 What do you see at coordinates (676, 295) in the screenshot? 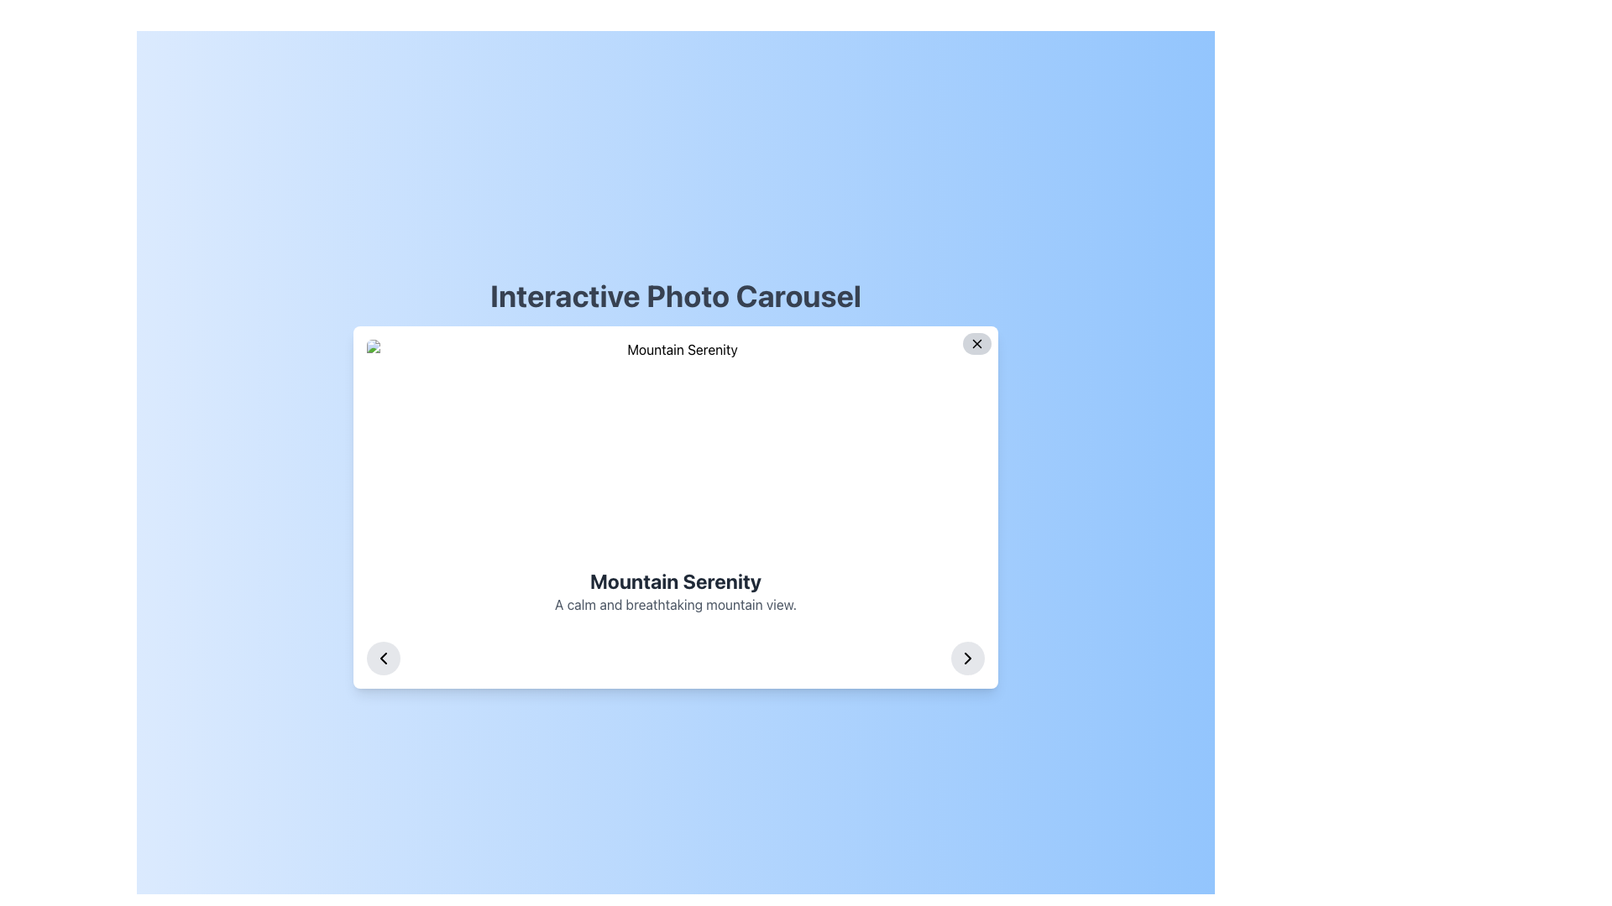
I see `text from the heading element labeled 'Interactive Photo Carousel' located at the top-center of the visible area` at bounding box center [676, 295].